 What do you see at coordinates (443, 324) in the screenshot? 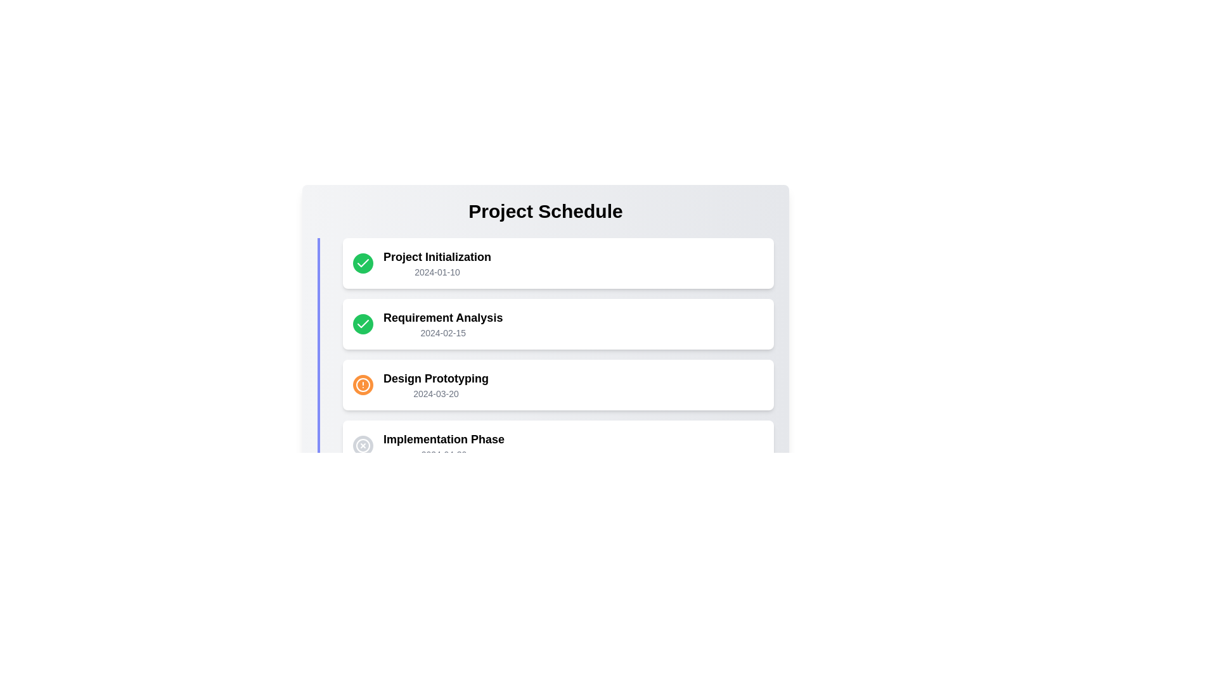
I see `the 'Requirement Analysis' card, which displays a title in bold and a date beneath it, to interact with it and reveal more details` at bounding box center [443, 324].